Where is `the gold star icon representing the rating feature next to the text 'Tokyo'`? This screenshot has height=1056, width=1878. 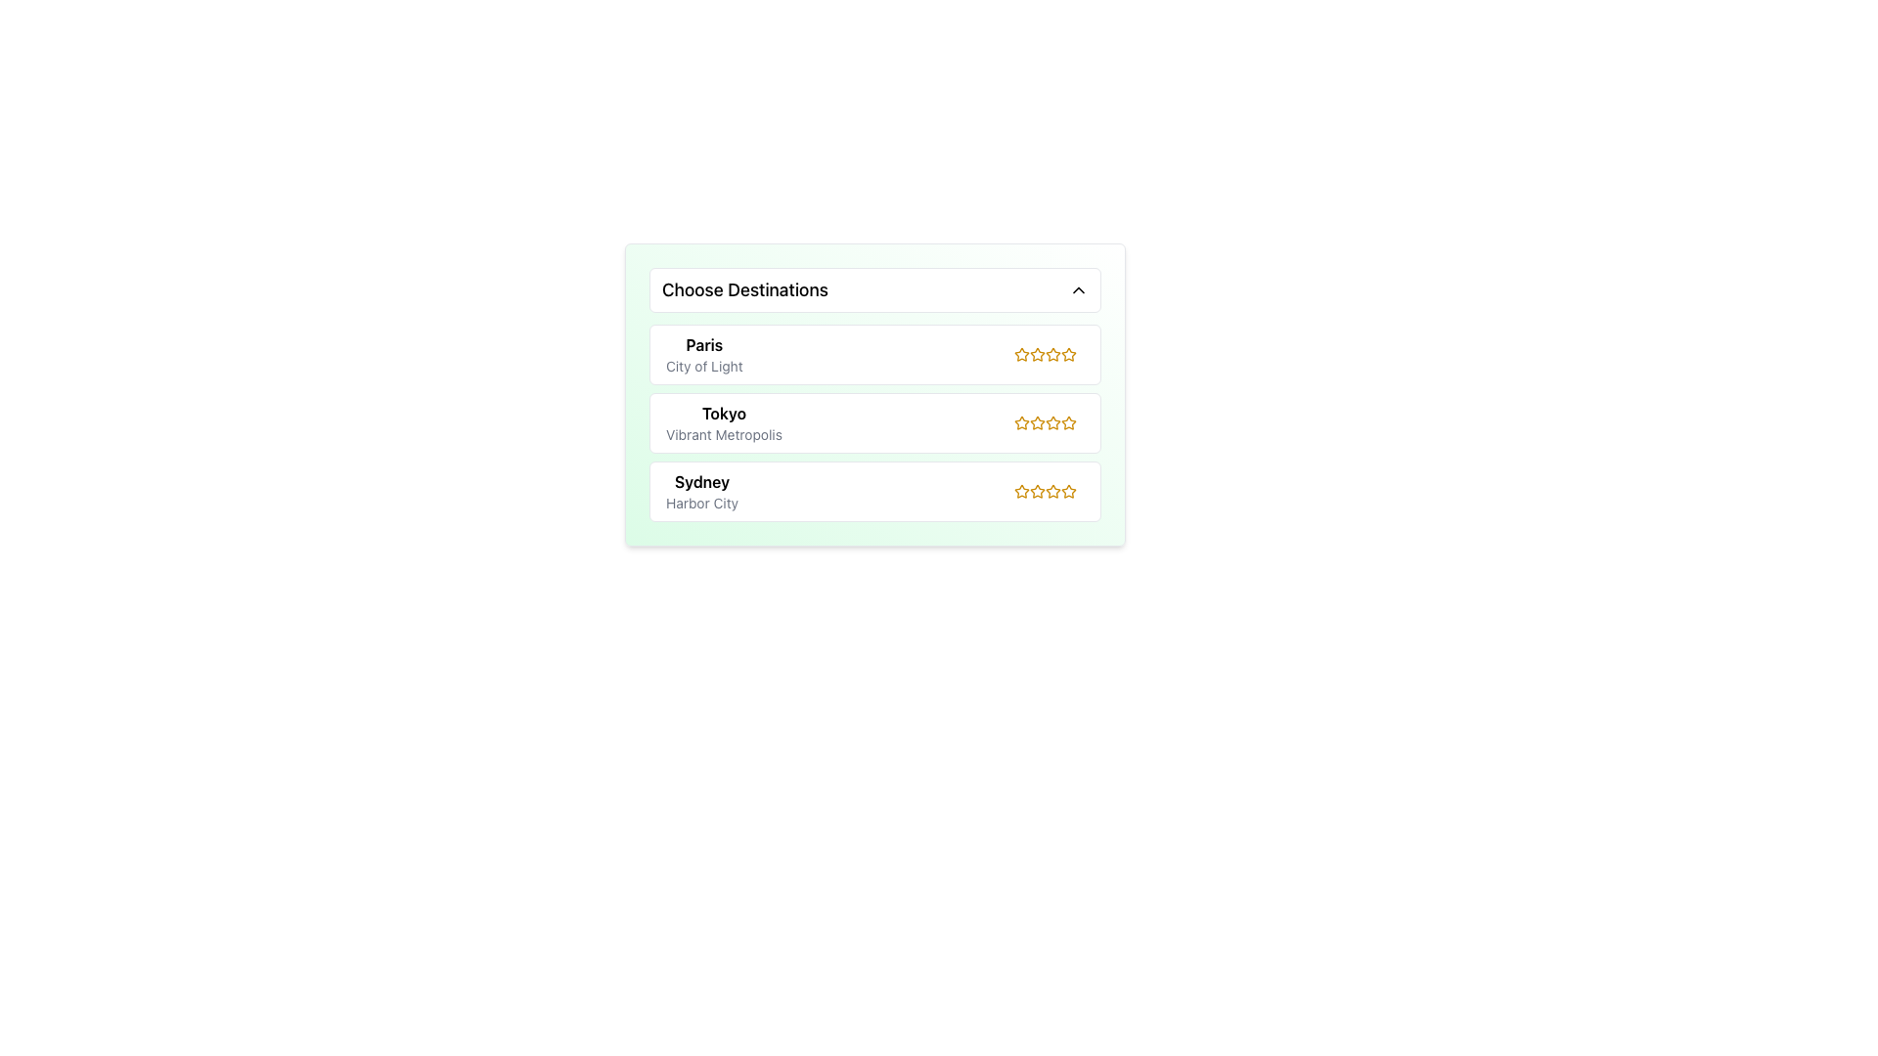 the gold star icon representing the rating feature next to the text 'Tokyo' is located at coordinates (1021, 421).